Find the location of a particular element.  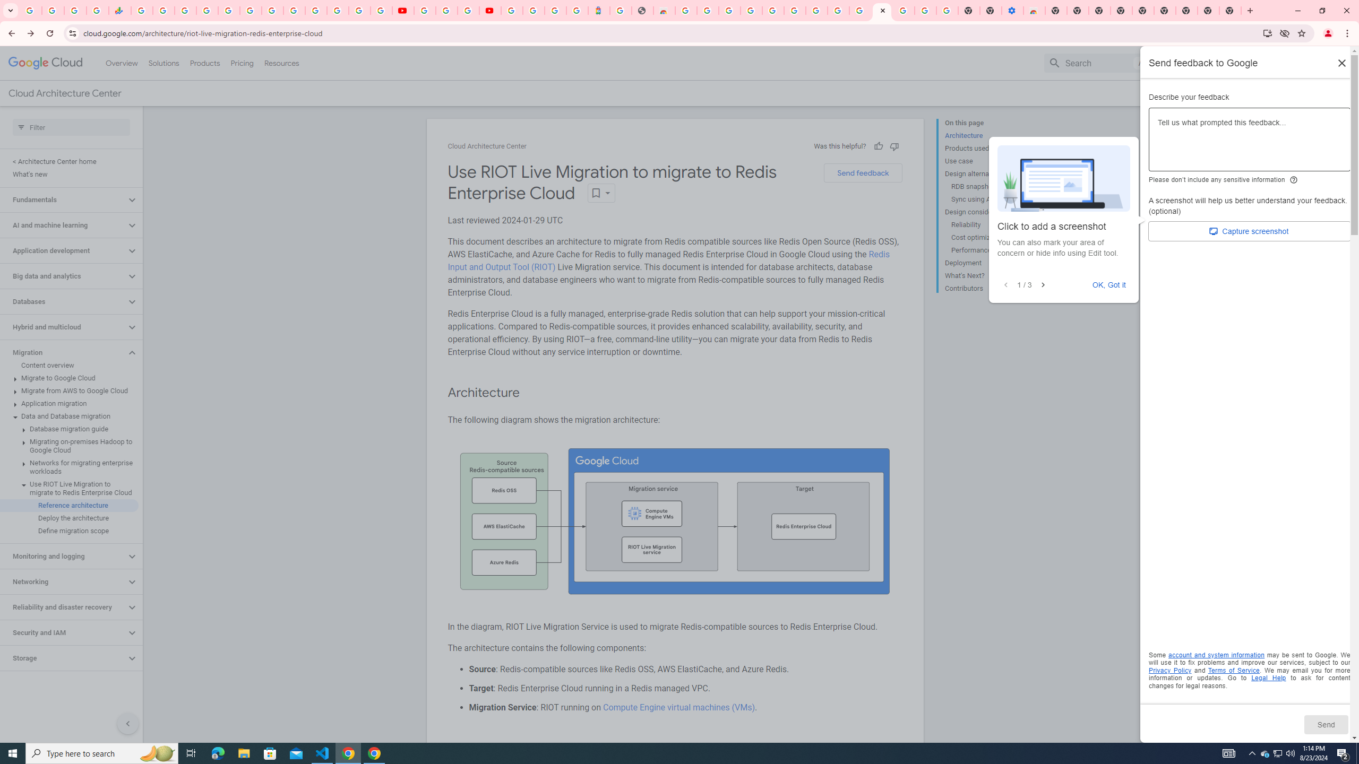

'account and system information' is located at coordinates (1216, 655).